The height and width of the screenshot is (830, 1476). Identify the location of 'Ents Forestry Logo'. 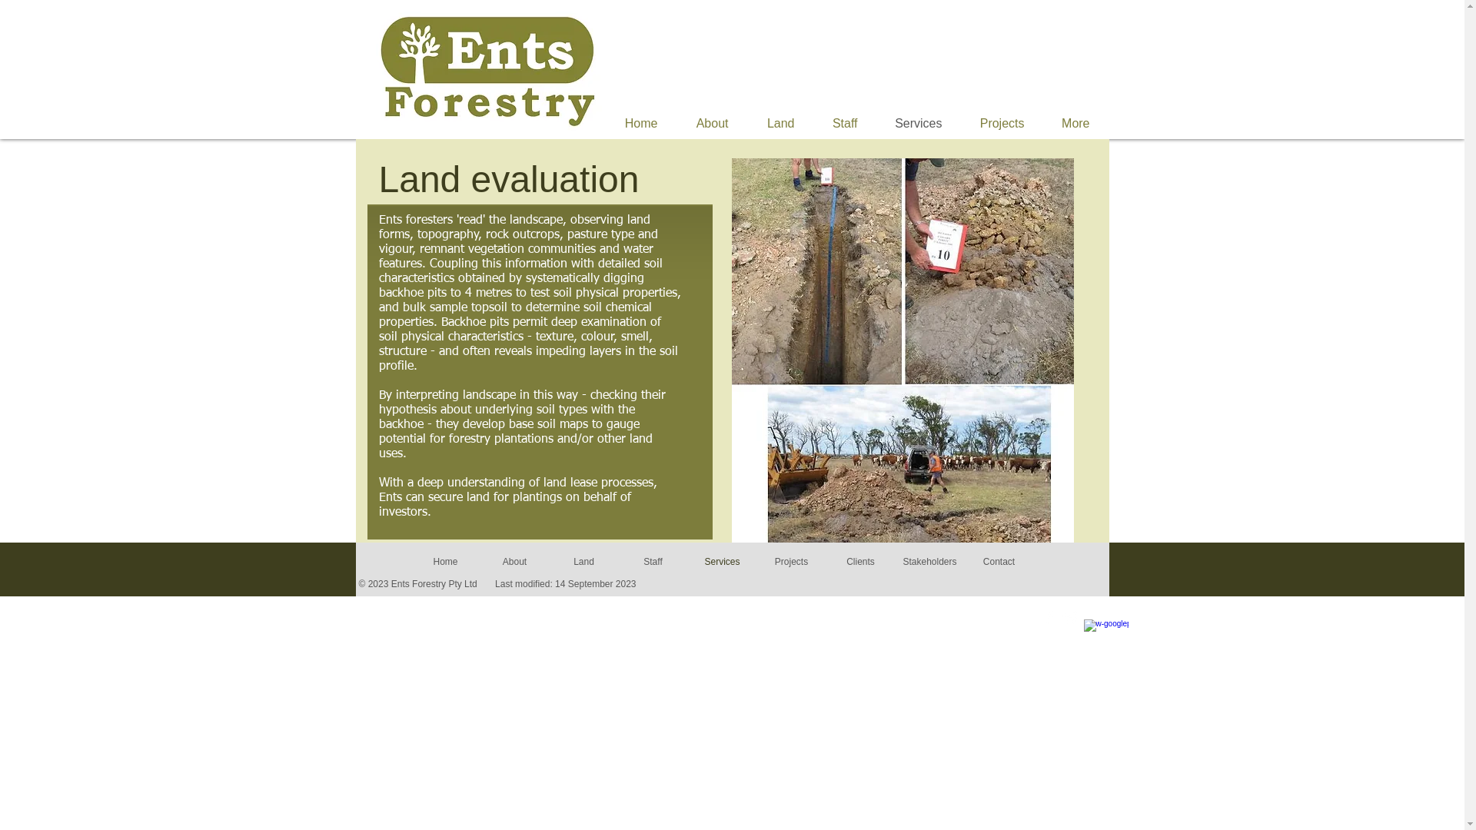
(486, 71).